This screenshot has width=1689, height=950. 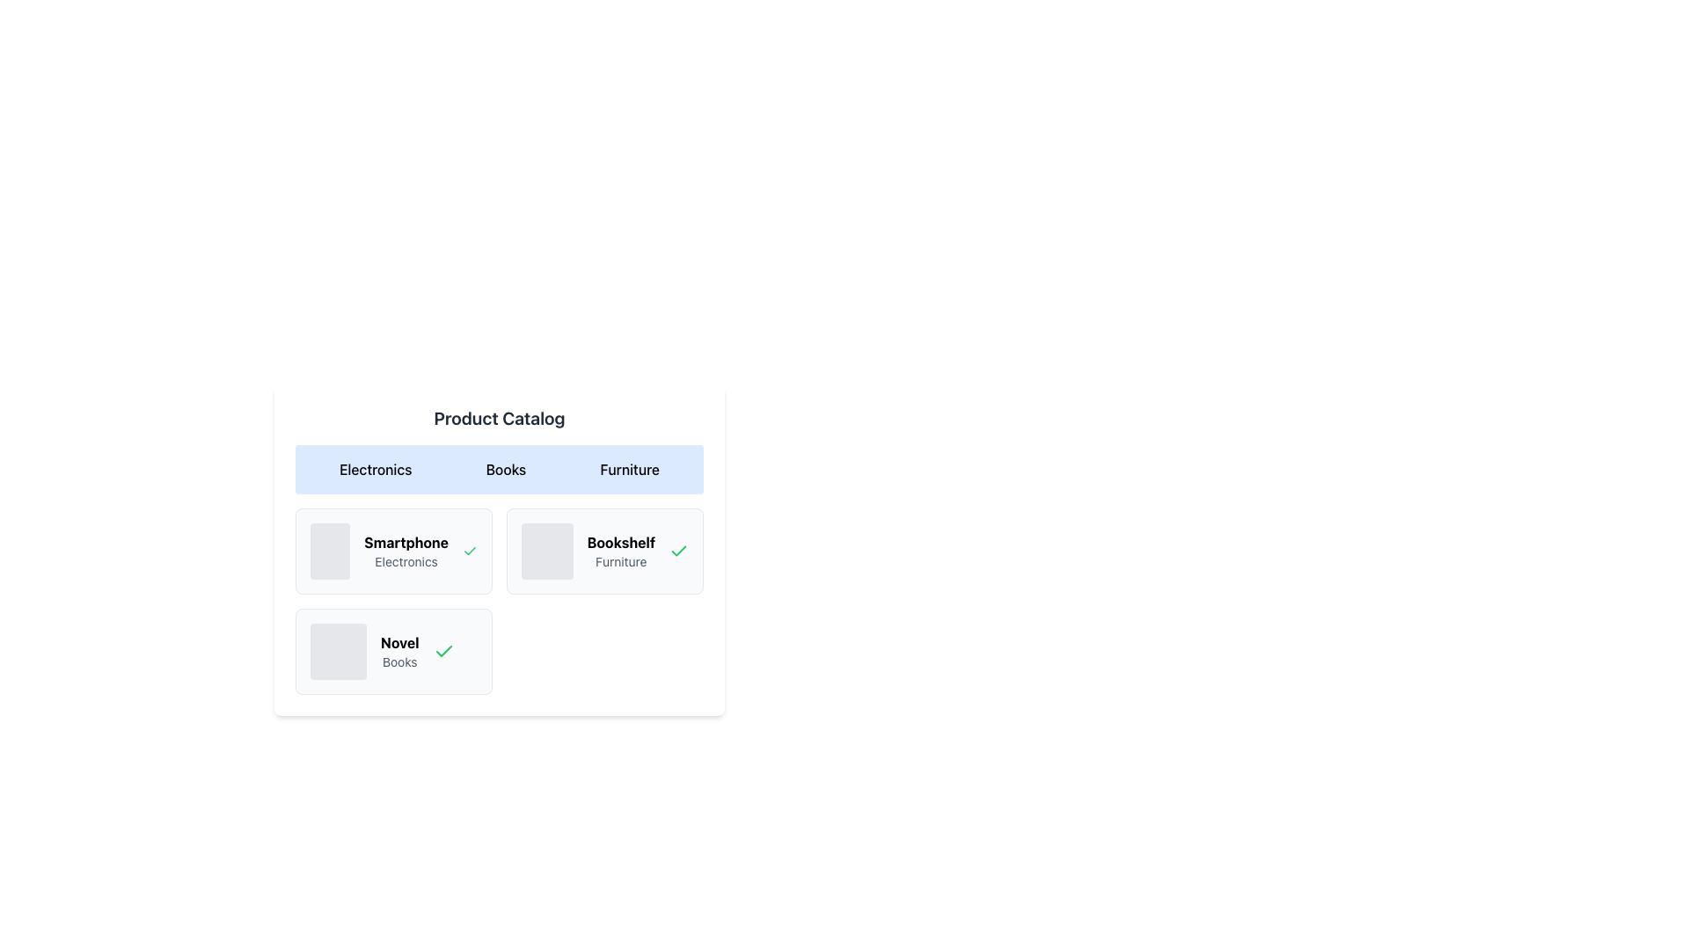 I want to click on text label that displays 'Electronics' positioned below the 'Smartphone' title in a smaller, gray-colored font, so click(x=406, y=562).